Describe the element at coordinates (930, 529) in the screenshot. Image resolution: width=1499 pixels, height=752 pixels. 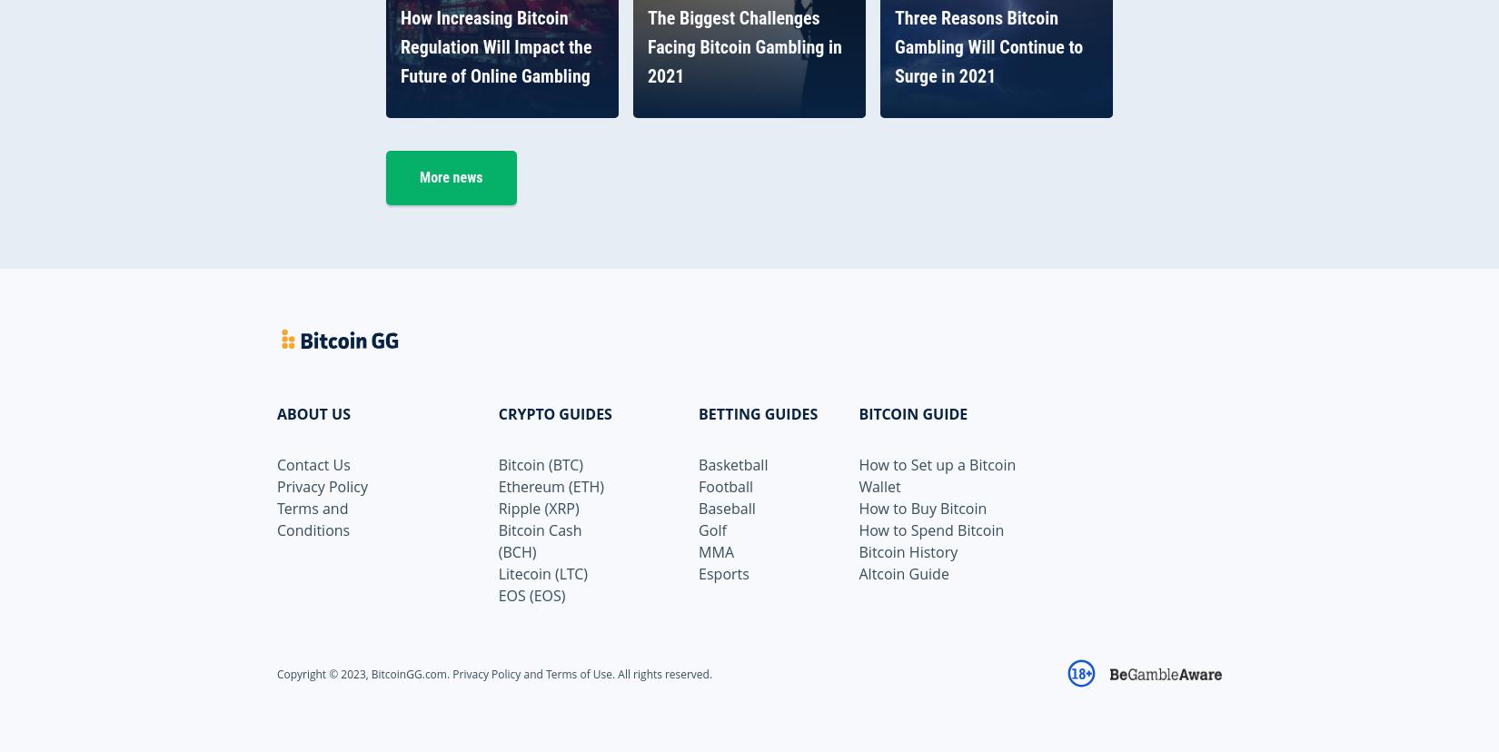
I see `'How to Spend Bitcoin'` at that location.